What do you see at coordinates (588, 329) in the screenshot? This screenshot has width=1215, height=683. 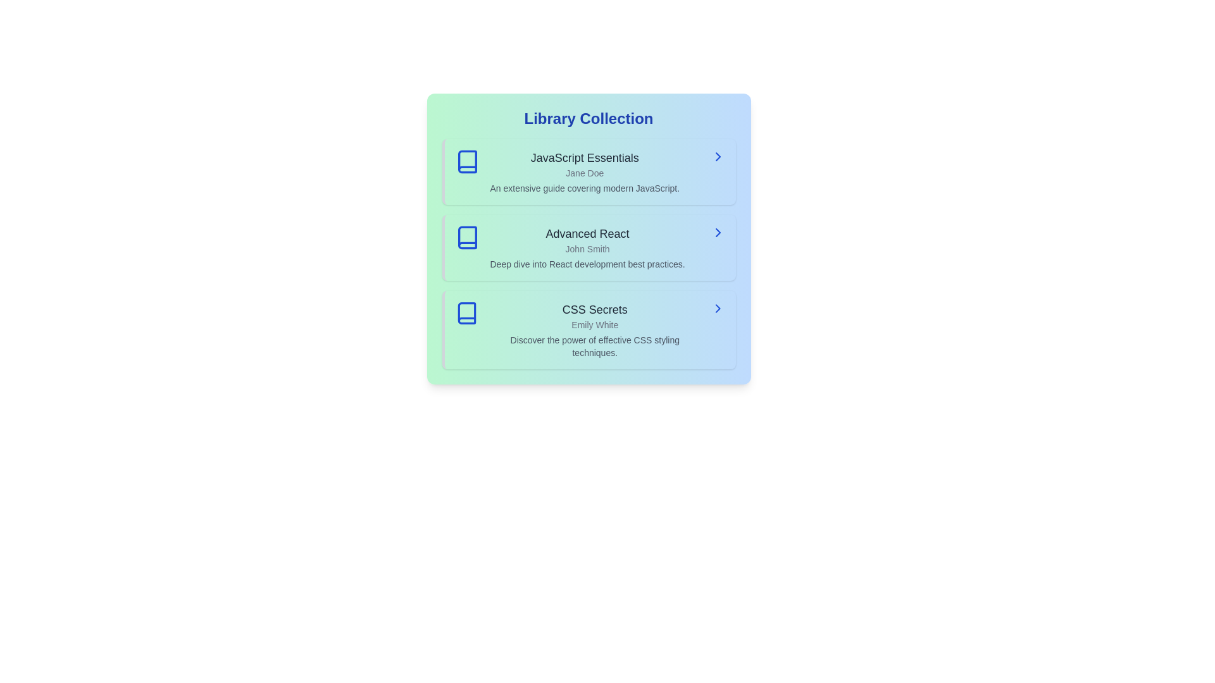 I see `the book titled CSS Secrets from the list` at bounding box center [588, 329].